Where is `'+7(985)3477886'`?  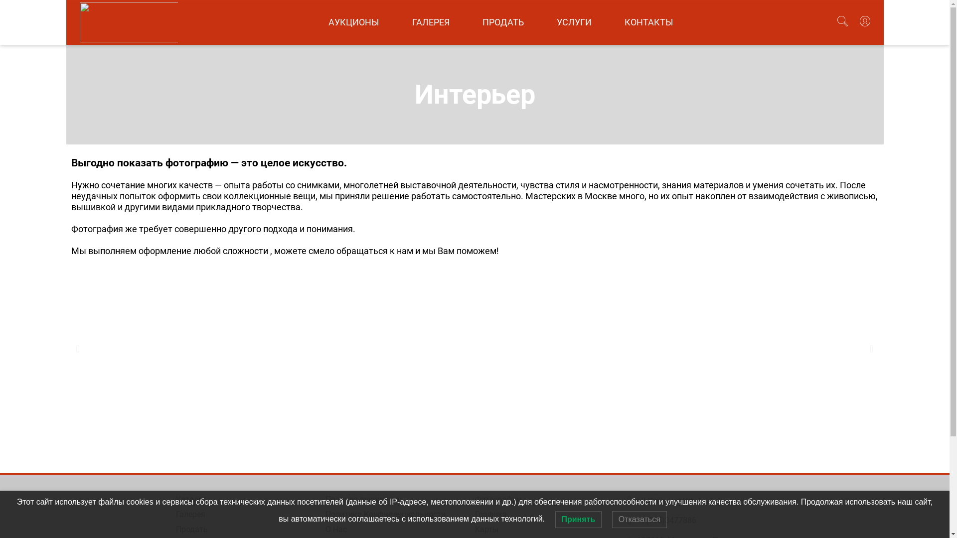
'+7(985)3477886' is located at coordinates (666, 520).